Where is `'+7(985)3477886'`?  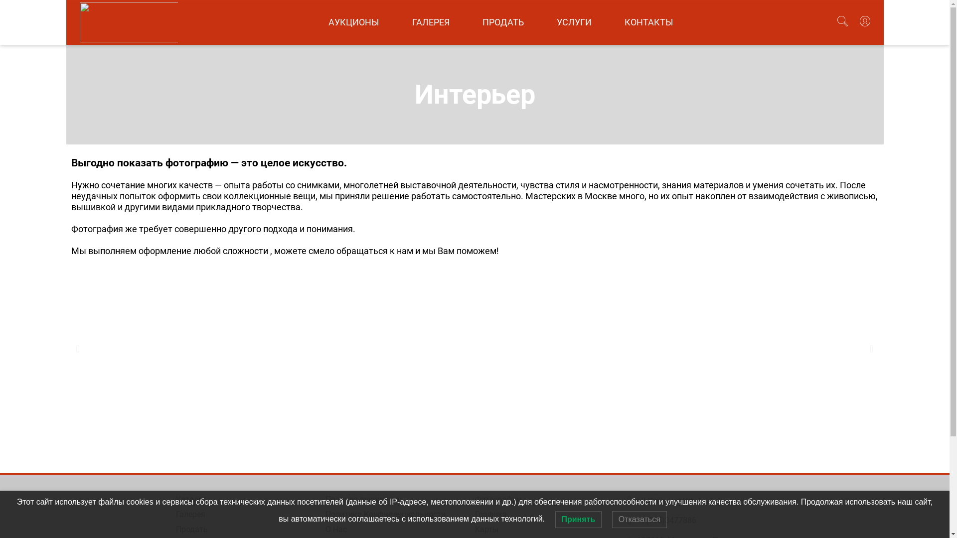
'+7(985)3477886' is located at coordinates (666, 520).